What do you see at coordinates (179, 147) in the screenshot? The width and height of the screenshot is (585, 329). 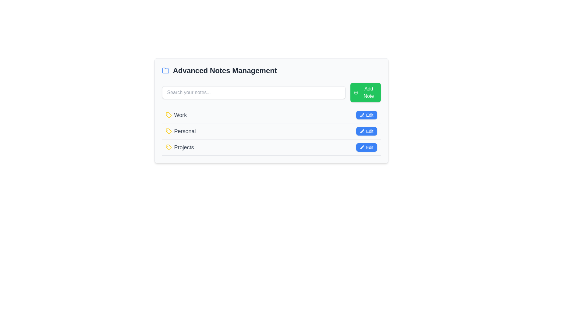 I see `the 'Projects' category header label with an accompanying icon, located in the third row of the 'Projects Edit' list, below the 'Personal' item` at bounding box center [179, 147].